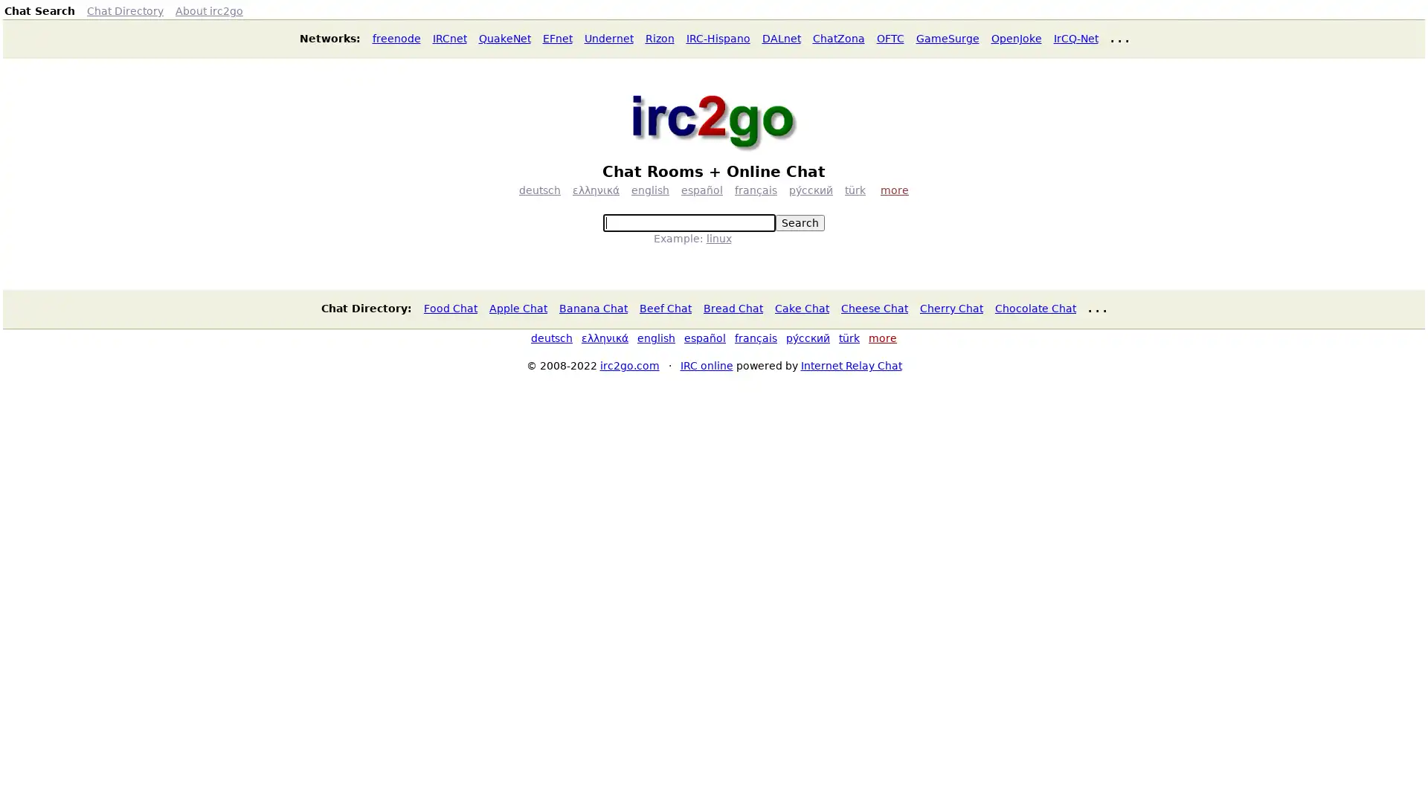 The image size is (1428, 803). I want to click on Search, so click(799, 223).